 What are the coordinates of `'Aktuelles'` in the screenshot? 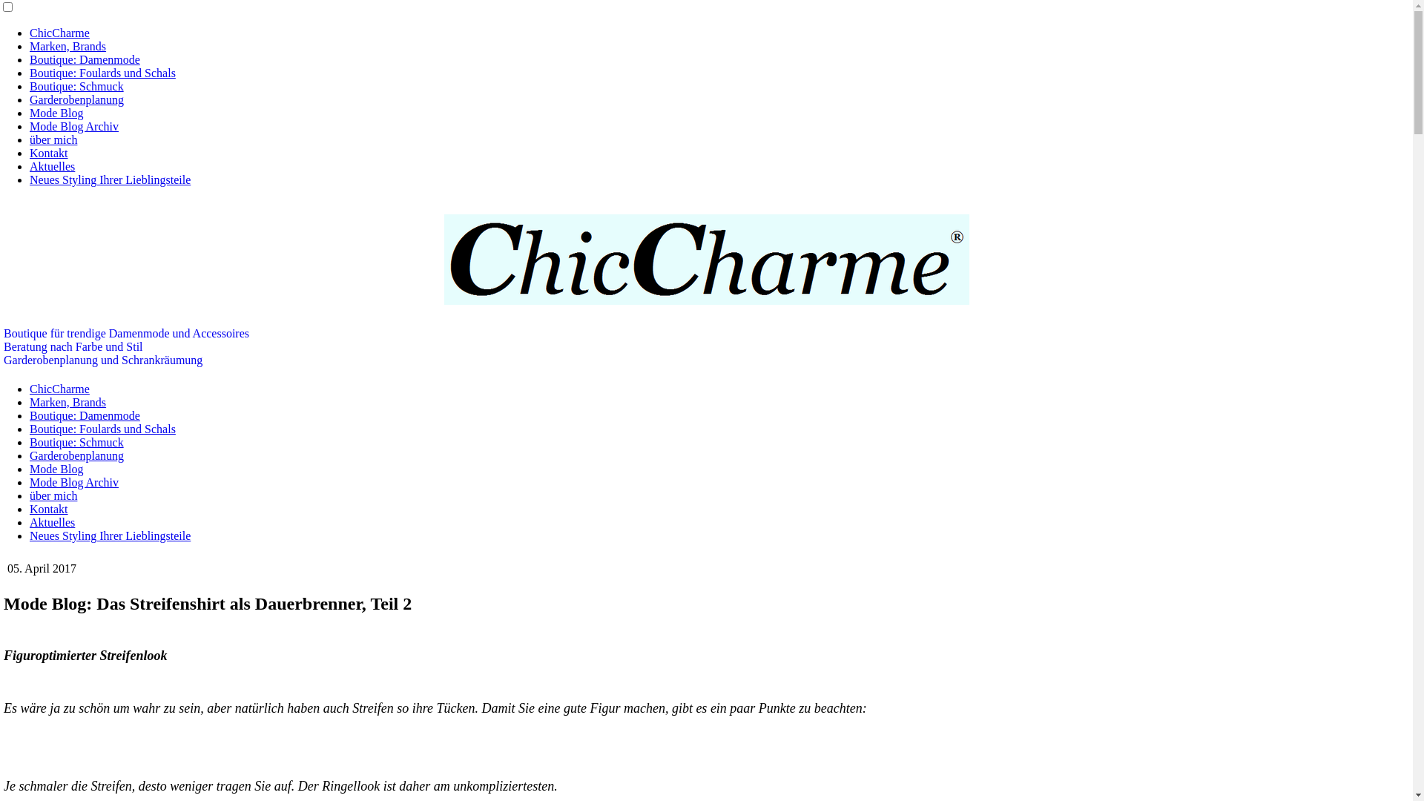 It's located at (29, 166).